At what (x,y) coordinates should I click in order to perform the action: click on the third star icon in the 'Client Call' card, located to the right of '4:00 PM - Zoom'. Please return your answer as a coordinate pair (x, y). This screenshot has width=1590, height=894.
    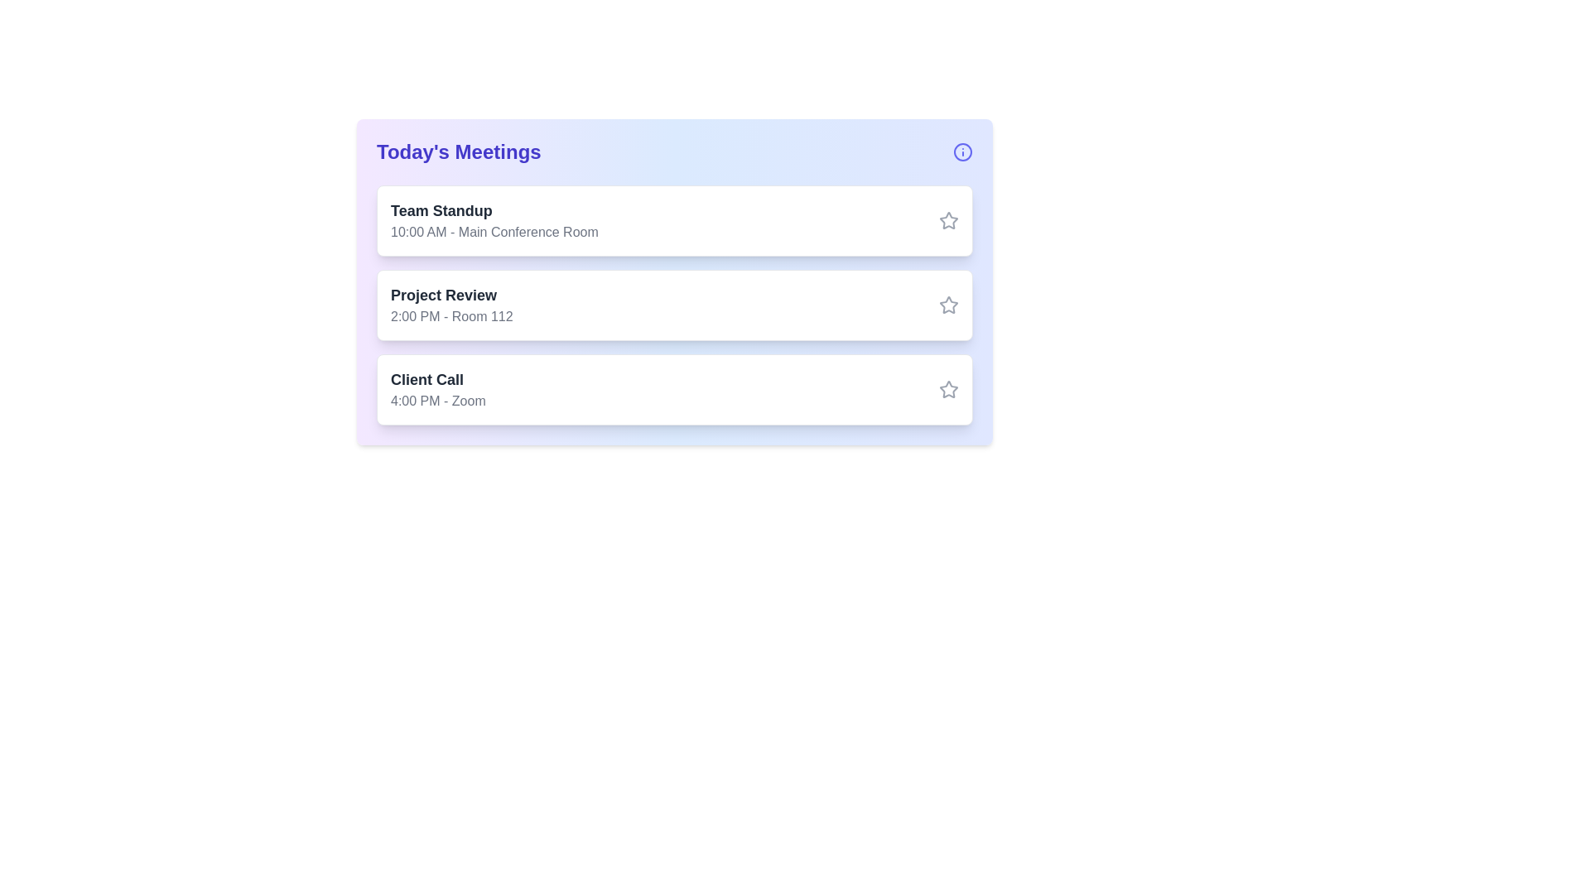
    Looking at the image, I should click on (949, 389).